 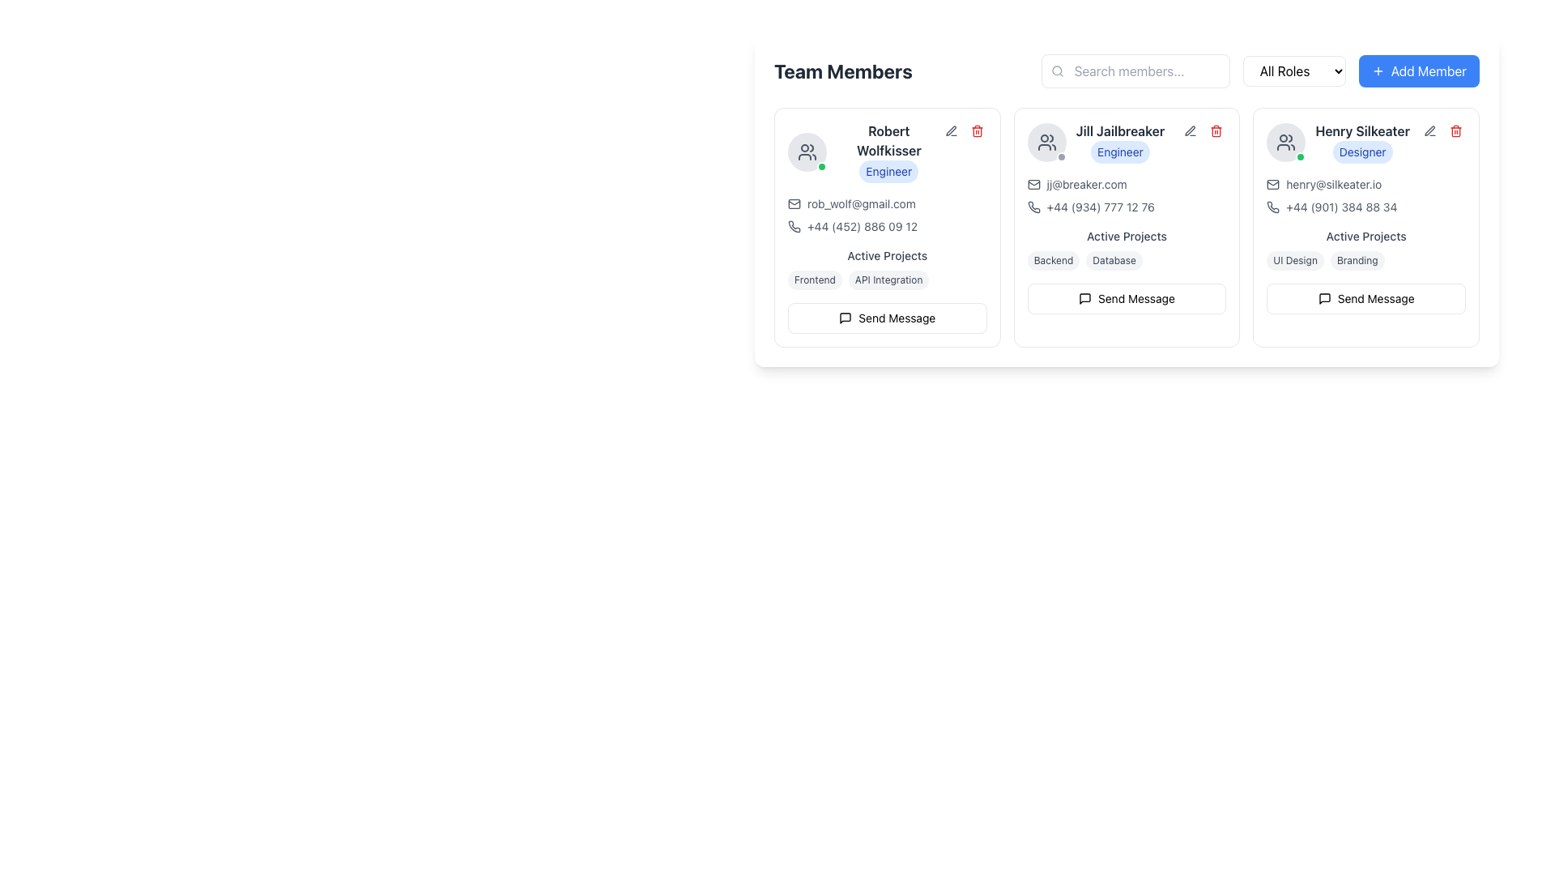 I want to click on the hyperlink displaying the email address in the 'Robert Wolfkisser' profile card, so click(x=860, y=203).